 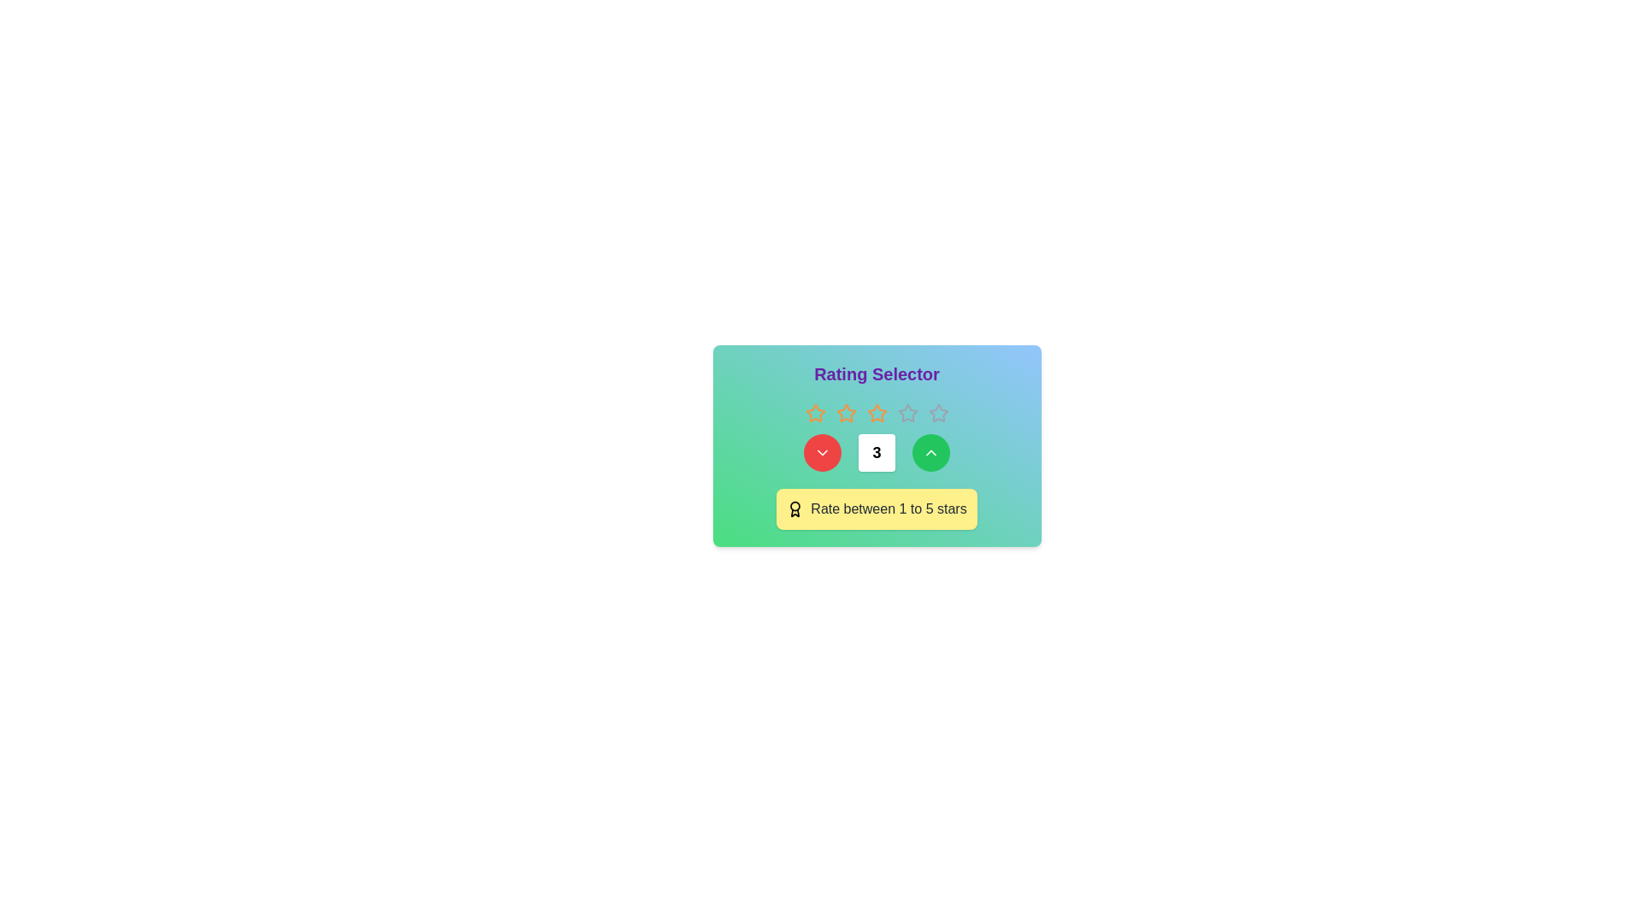 What do you see at coordinates (930, 451) in the screenshot?
I see `the green circular button that likely increases a counter or selects a higher value in a range for keyboard navigation` at bounding box center [930, 451].